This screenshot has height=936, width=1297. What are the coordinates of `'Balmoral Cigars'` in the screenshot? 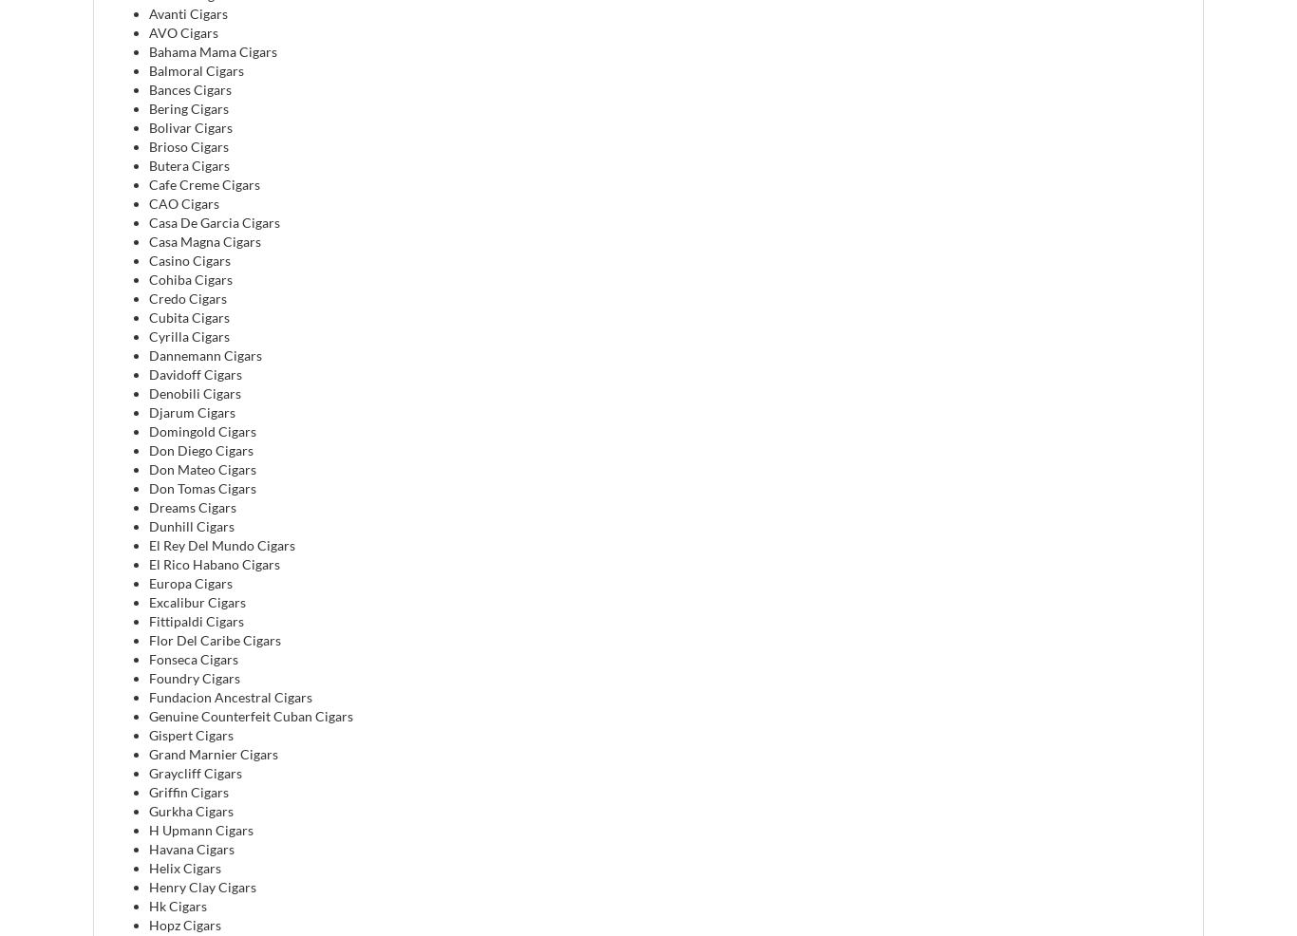 It's located at (195, 68).